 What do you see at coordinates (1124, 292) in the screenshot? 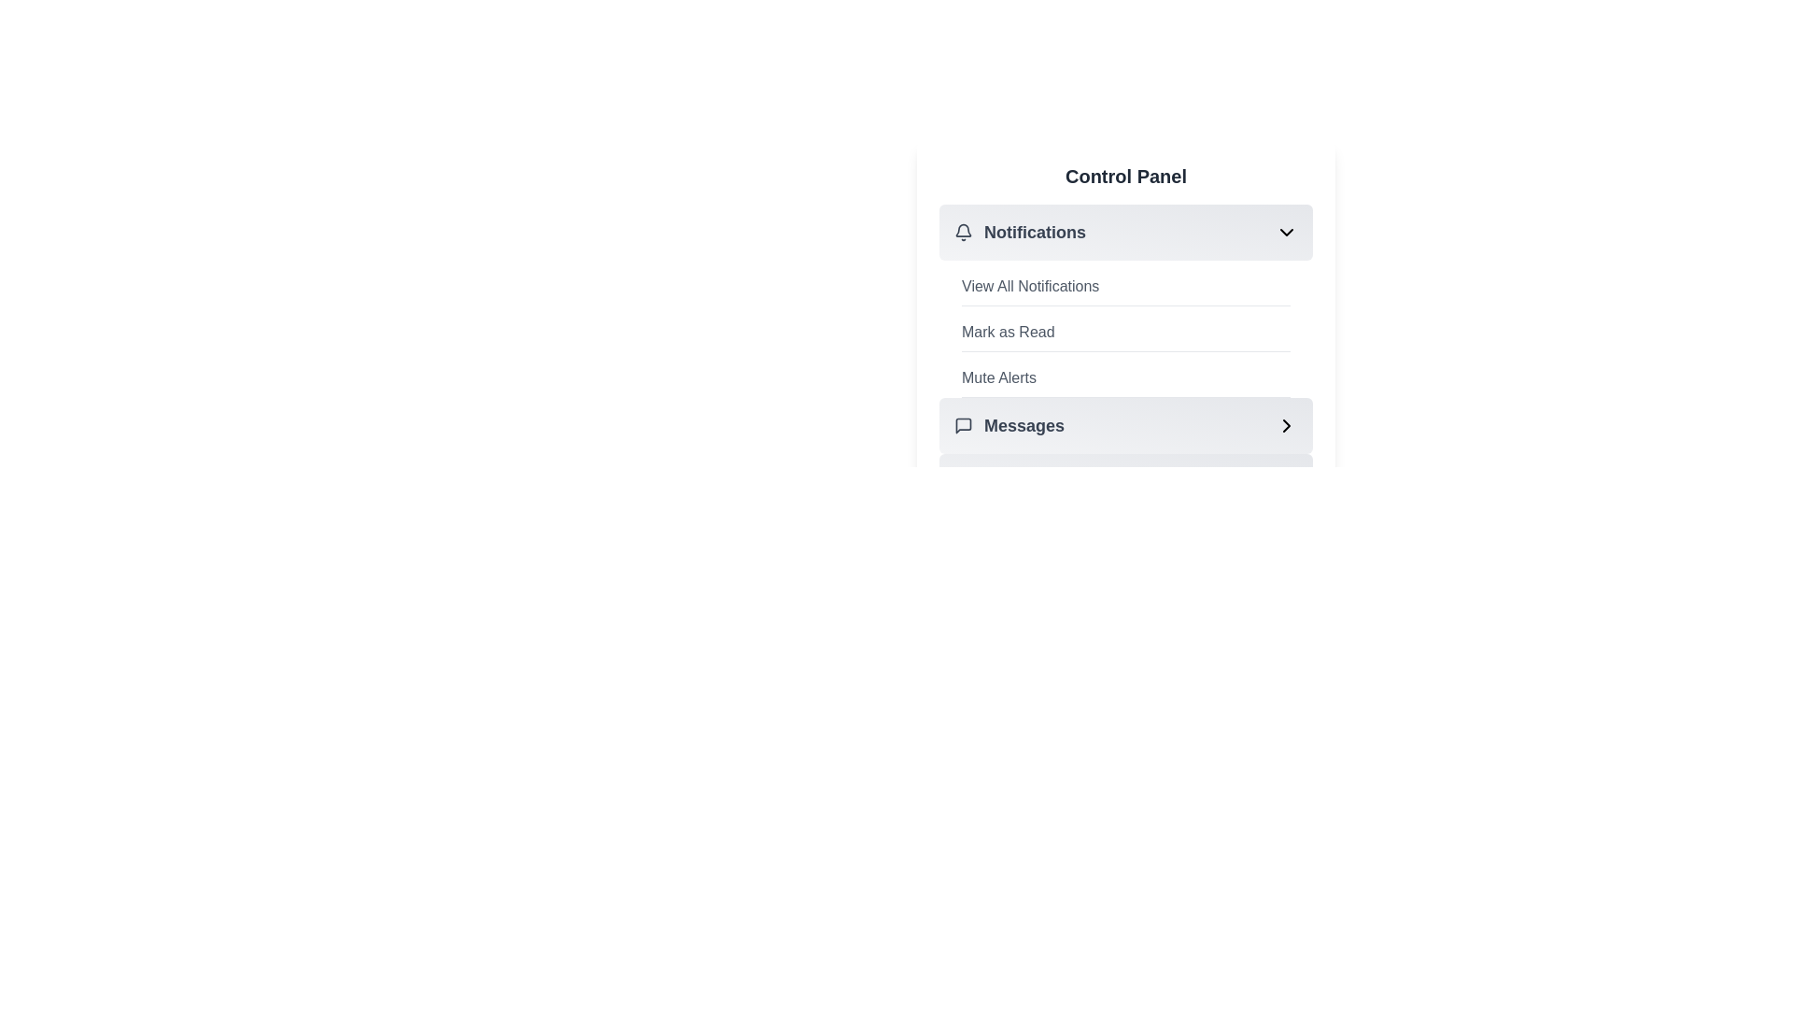
I see `the 'View All Notifications' option from the collapsible notifications panel, which is the first main panel containing navigation links` at bounding box center [1124, 292].